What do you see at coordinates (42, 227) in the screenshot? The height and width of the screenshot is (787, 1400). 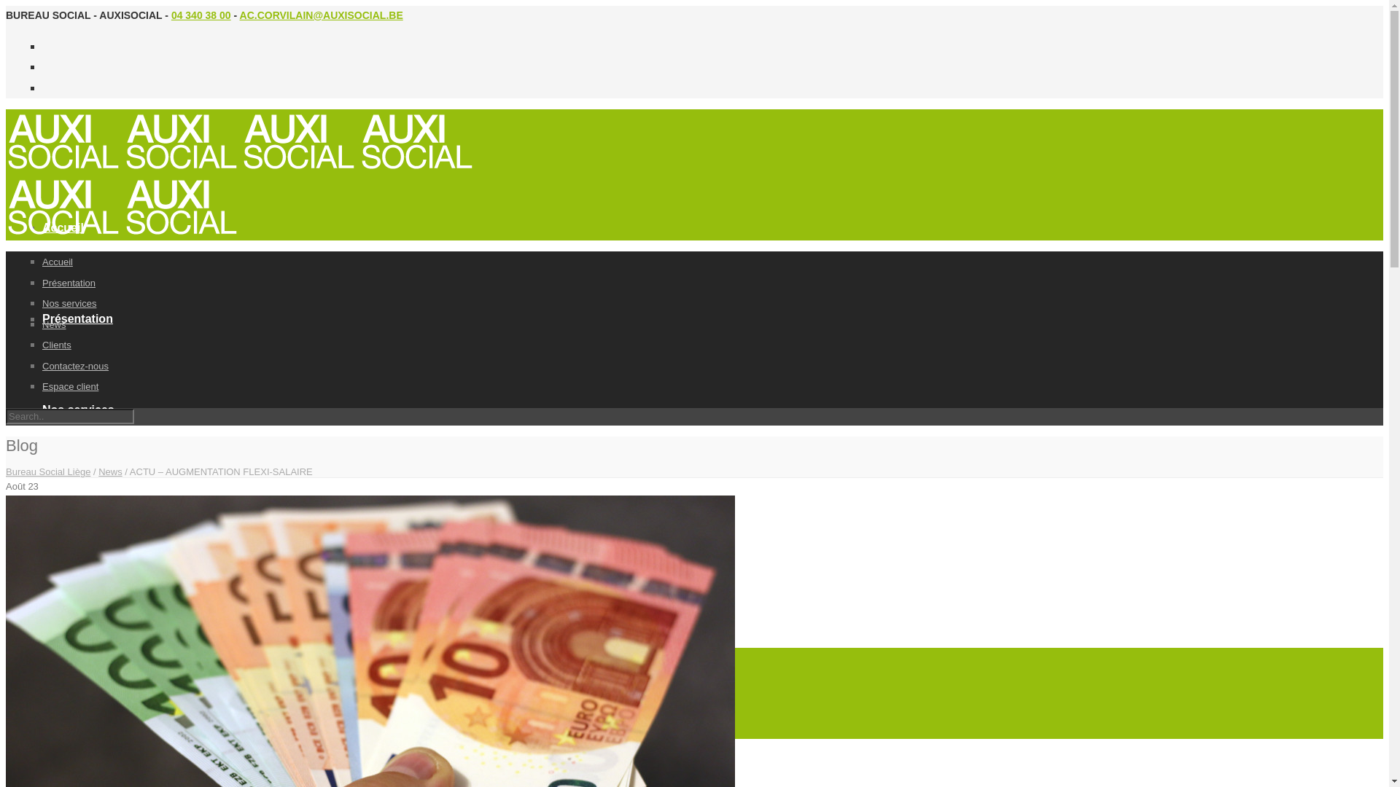 I see `'Accueil'` at bounding box center [42, 227].